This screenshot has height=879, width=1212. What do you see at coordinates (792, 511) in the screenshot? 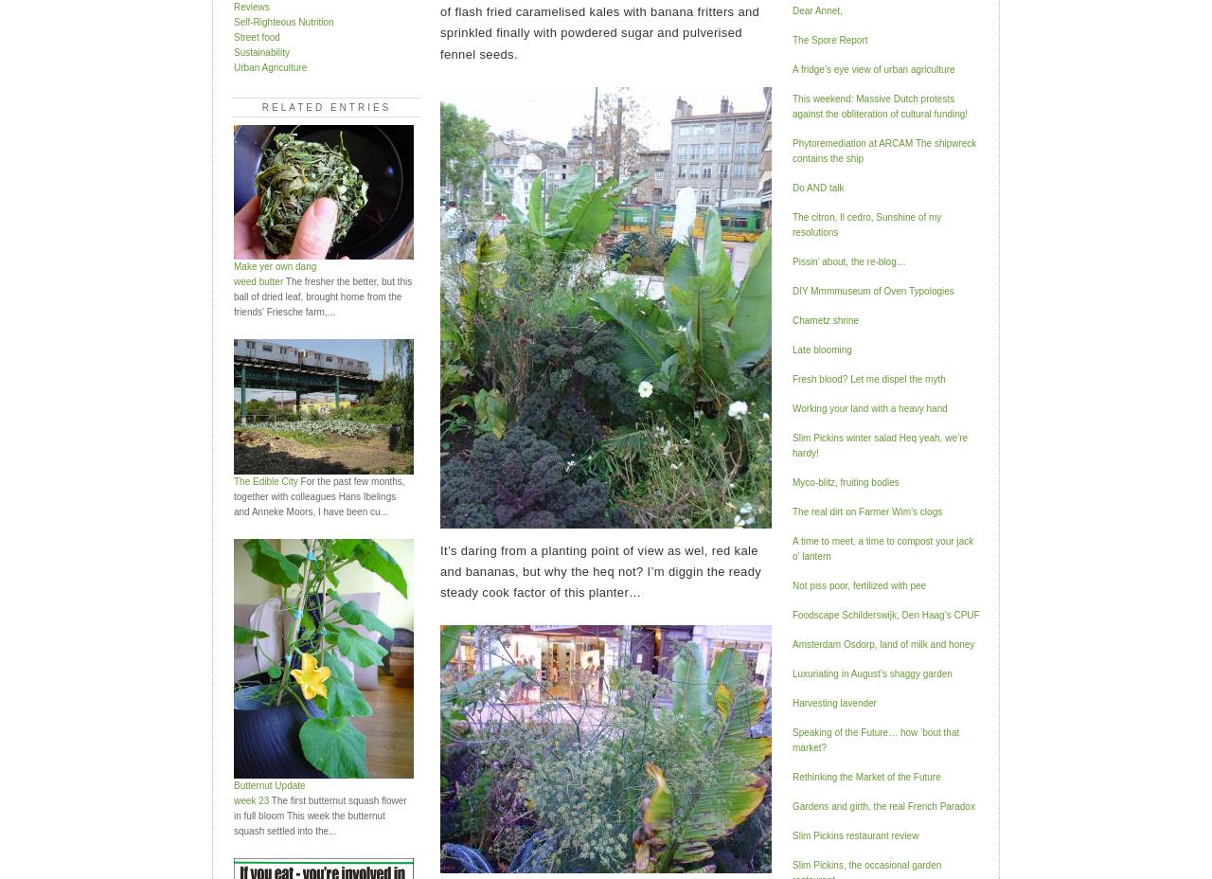
I see `'The real dirt on Farmer Wim’s clogs'` at bounding box center [792, 511].